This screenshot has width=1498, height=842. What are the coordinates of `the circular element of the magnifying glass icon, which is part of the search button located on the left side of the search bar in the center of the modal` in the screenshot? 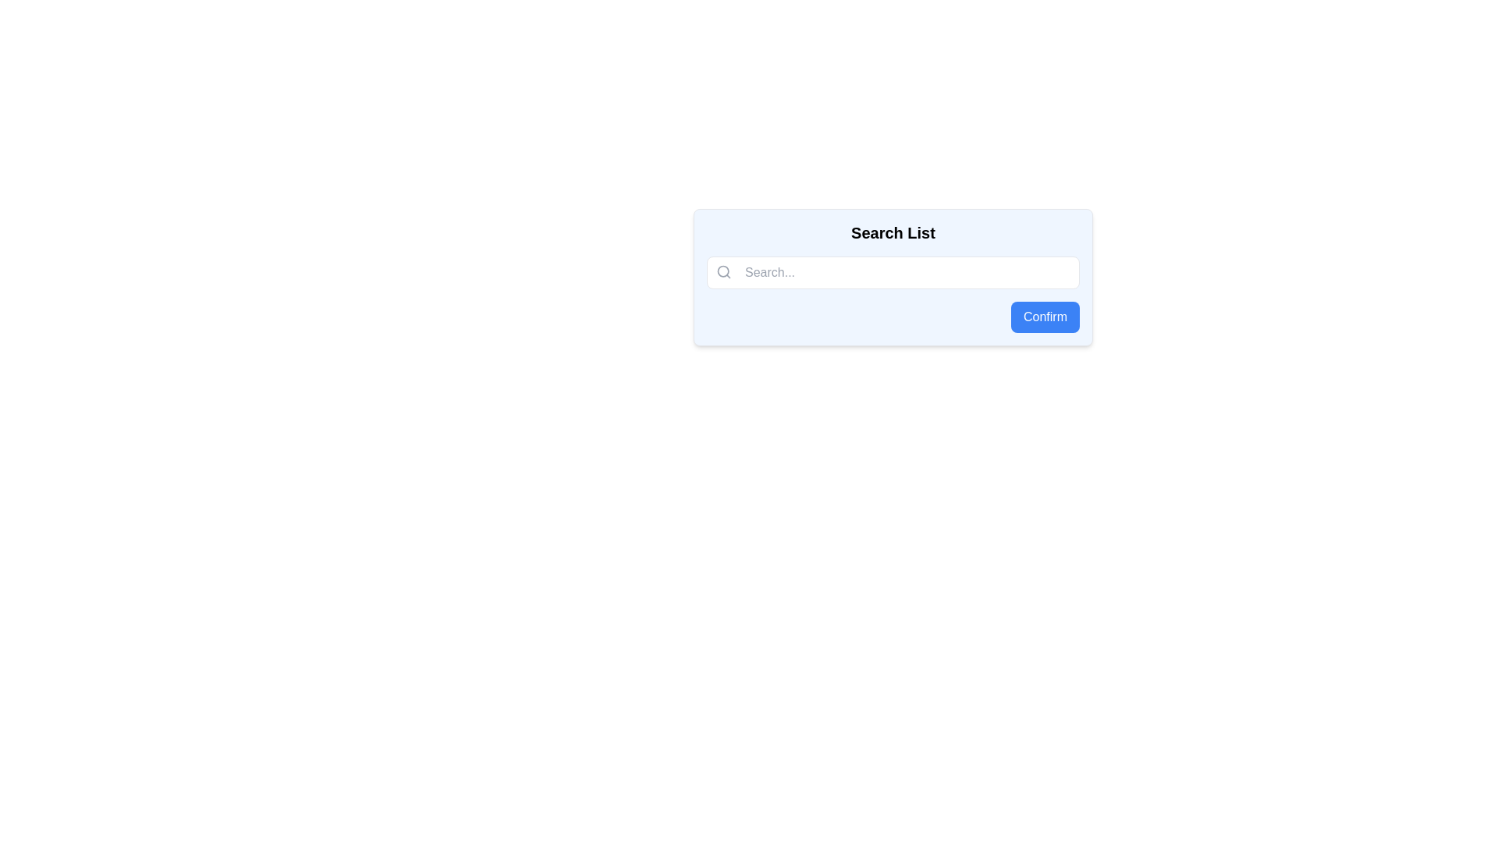 It's located at (722, 271).